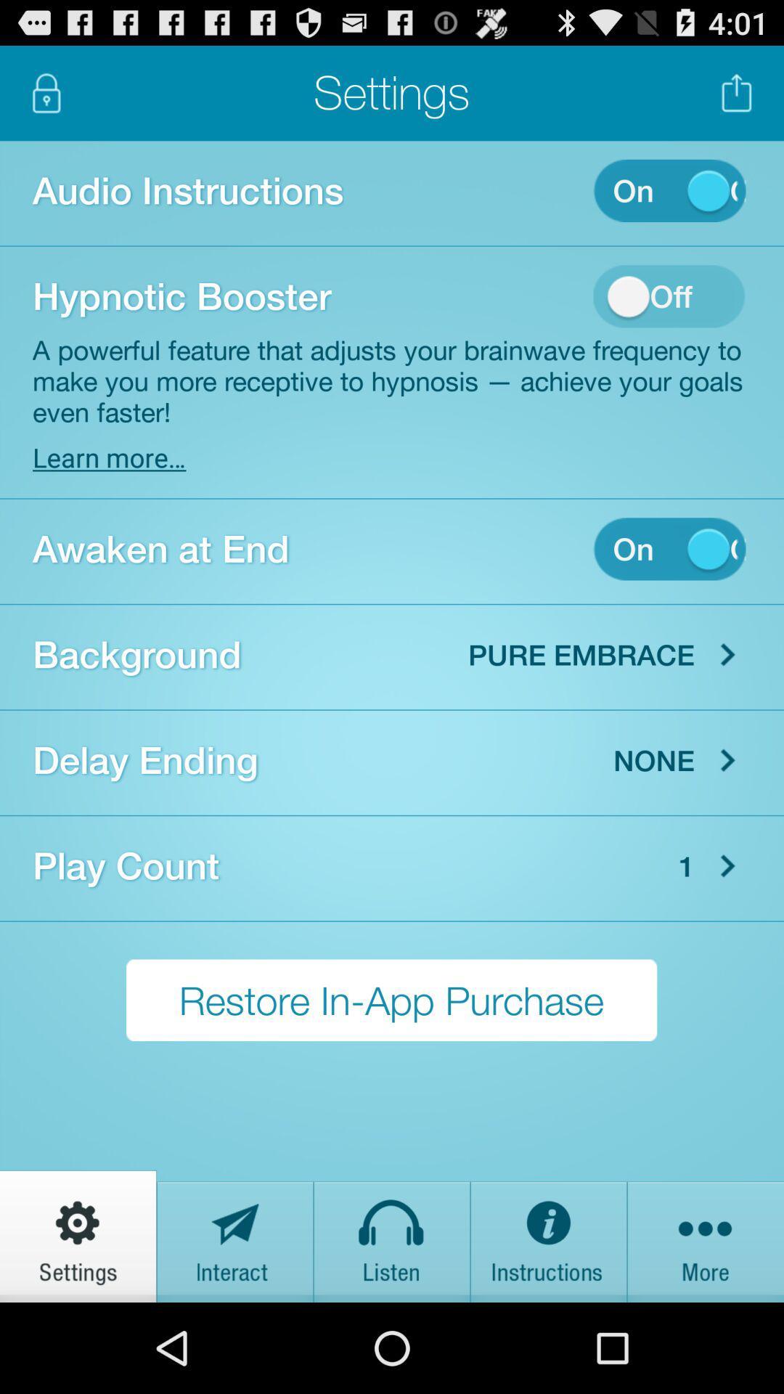 This screenshot has width=784, height=1394. I want to click on the settings icon, so click(78, 1322).